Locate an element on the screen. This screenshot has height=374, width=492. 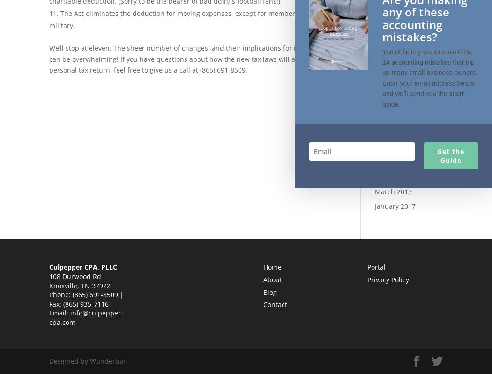
'July 2018' is located at coordinates (388, 47).